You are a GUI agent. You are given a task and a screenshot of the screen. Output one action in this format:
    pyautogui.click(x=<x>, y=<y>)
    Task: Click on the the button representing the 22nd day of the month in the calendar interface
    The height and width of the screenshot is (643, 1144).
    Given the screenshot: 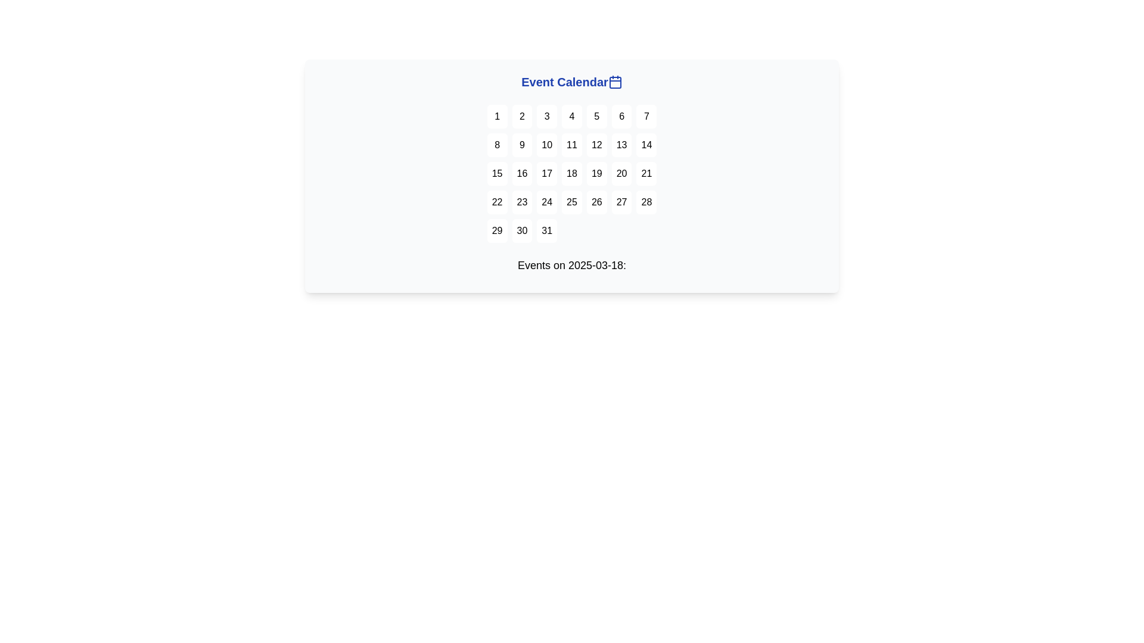 What is the action you would take?
    pyautogui.click(x=497, y=201)
    